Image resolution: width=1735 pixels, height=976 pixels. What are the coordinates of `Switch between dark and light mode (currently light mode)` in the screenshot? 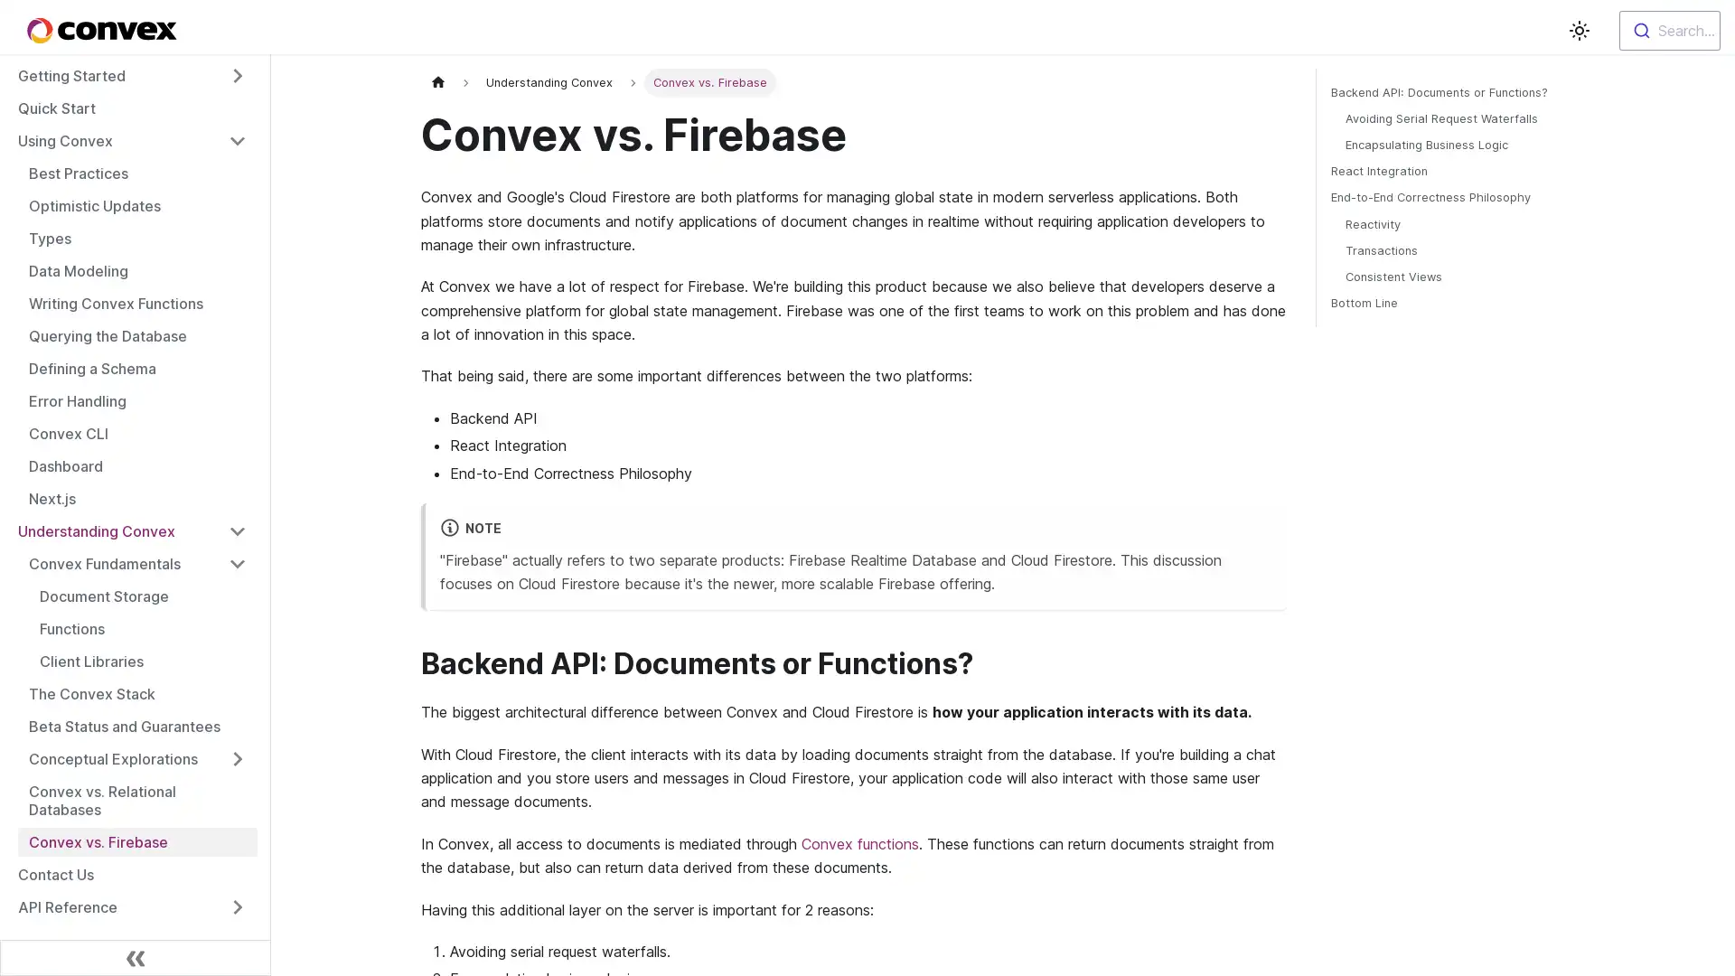 It's located at (1578, 31).